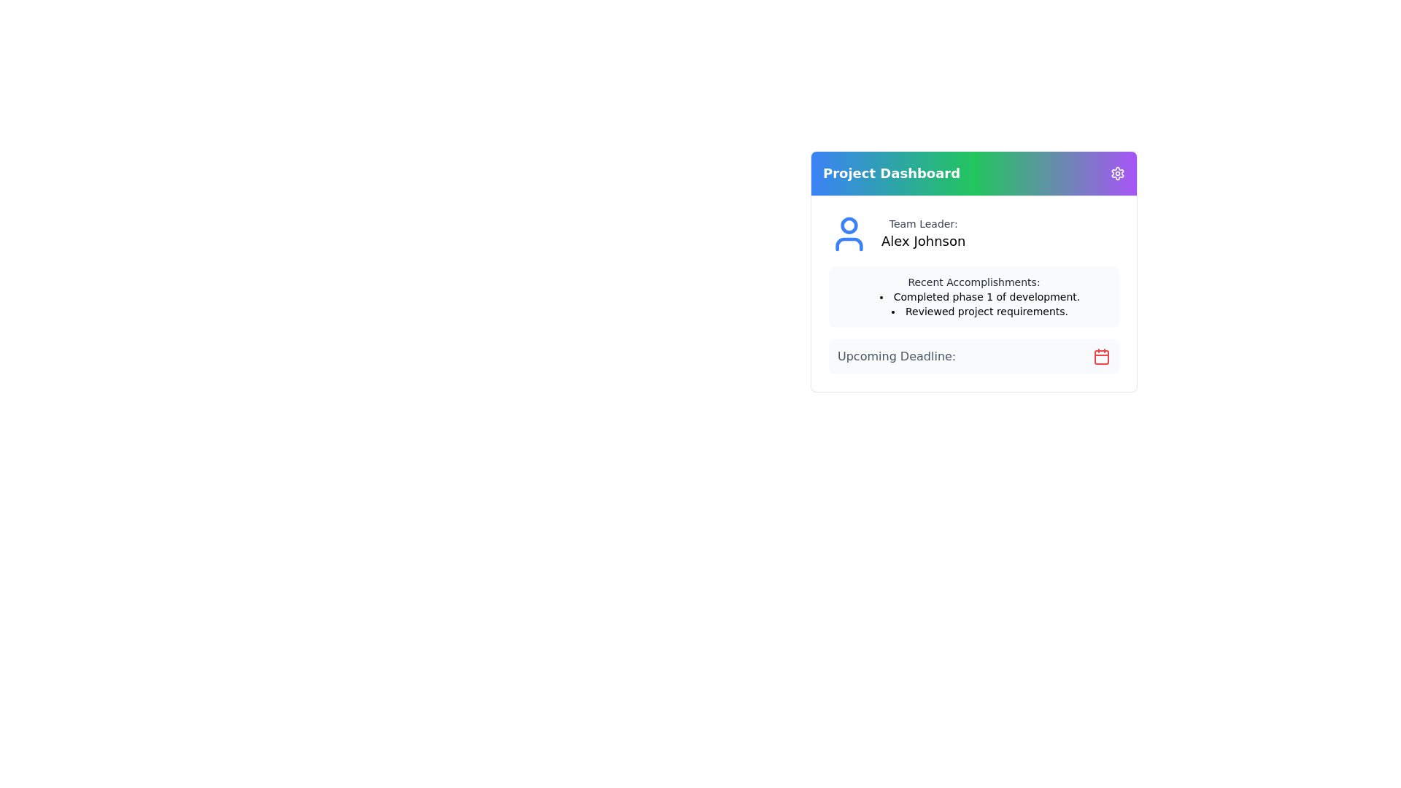 Image resolution: width=1401 pixels, height=788 pixels. Describe the element at coordinates (980, 311) in the screenshot. I see `the text line saying 'Reviewed project requirements.' which is the second item in the bulleted list under the 'Recent Accomplishments' section of the project dashboard card` at that location.